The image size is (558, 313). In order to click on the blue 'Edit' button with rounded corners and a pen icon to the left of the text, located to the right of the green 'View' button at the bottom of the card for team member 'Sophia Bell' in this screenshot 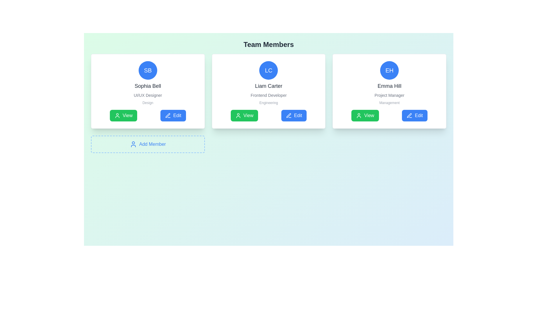, I will do `click(173, 115)`.